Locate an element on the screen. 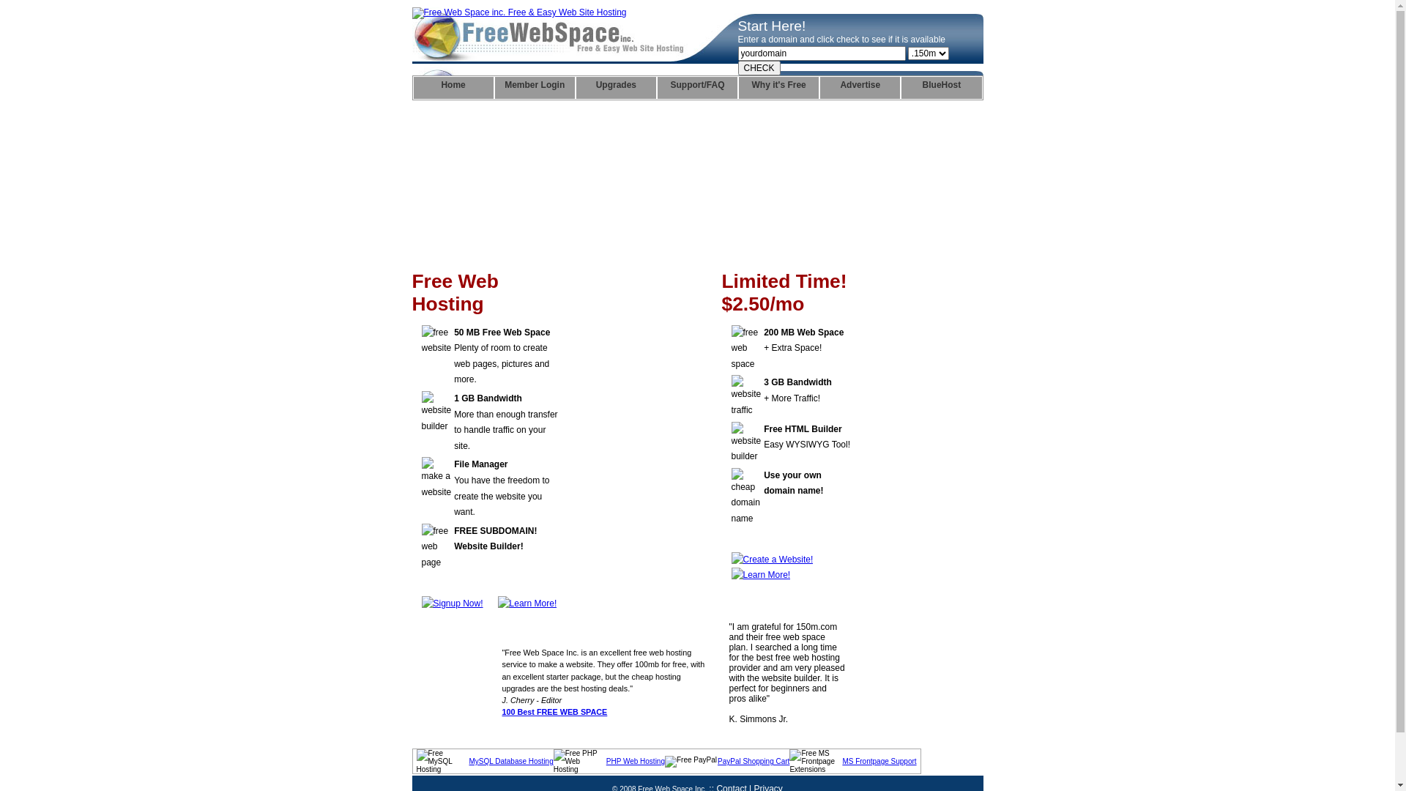 The image size is (1406, 791). 'Member Login' is located at coordinates (495, 87).